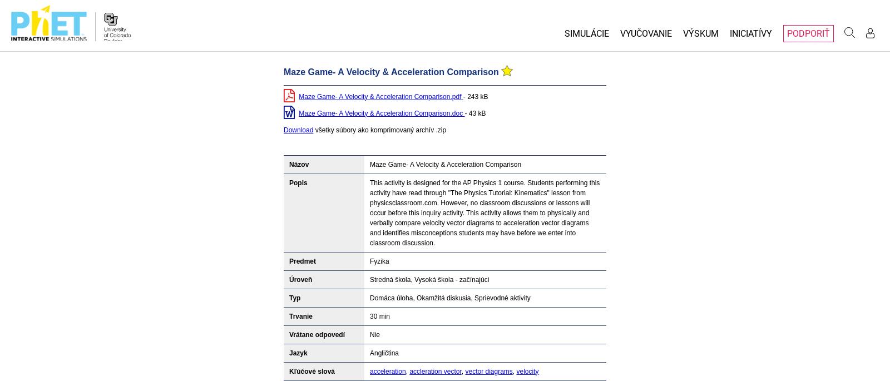 The width and height of the screenshot is (890, 381). I want to click on 'This activity is designed for the AP Physics 1 course.  Students performing this activity have read through "The Physics Tutorial: Kinematics" lesson from physicsclassroom.com.  However, no classroom discussions or lessons will occur before this inquiry activity.  This activity allows them to physically and verbally compare velocity vector diagrams to acceleration vector diagrams and identifies misconceptions students may have before we enter into classroom discussion.', so click(369, 212).